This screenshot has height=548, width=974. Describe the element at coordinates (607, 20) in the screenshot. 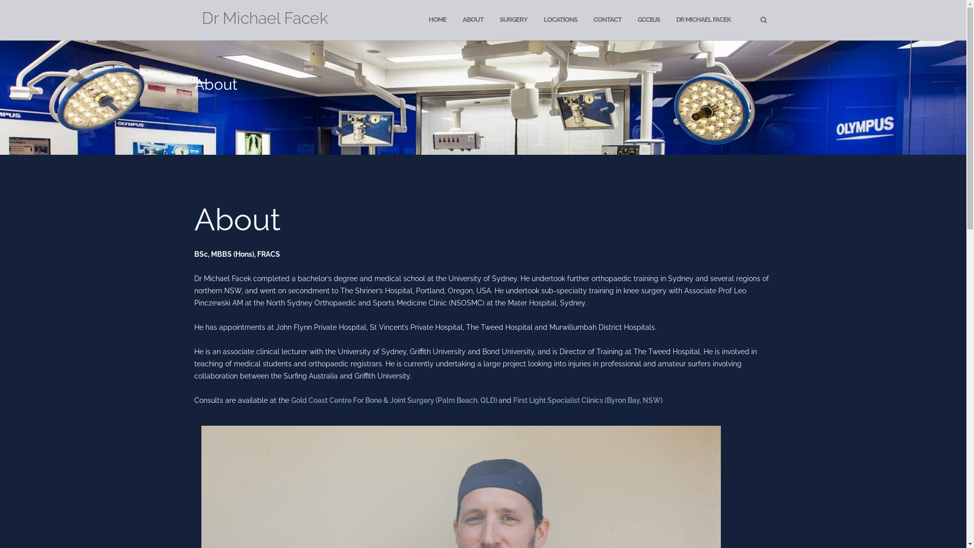

I see `'CONTACT'` at that location.